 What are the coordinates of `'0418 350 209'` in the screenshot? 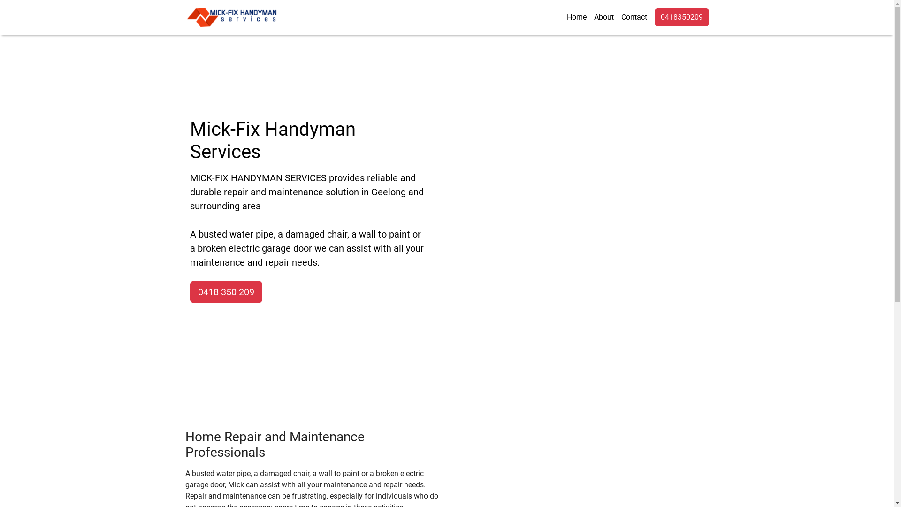 It's located at (225, 291).